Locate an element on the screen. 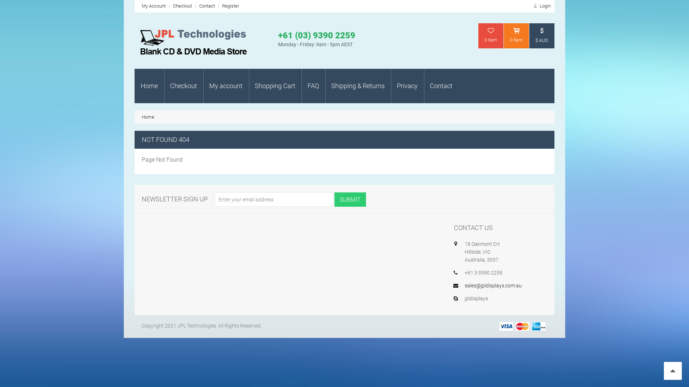  'Login' is located at coordinates (532, 6).